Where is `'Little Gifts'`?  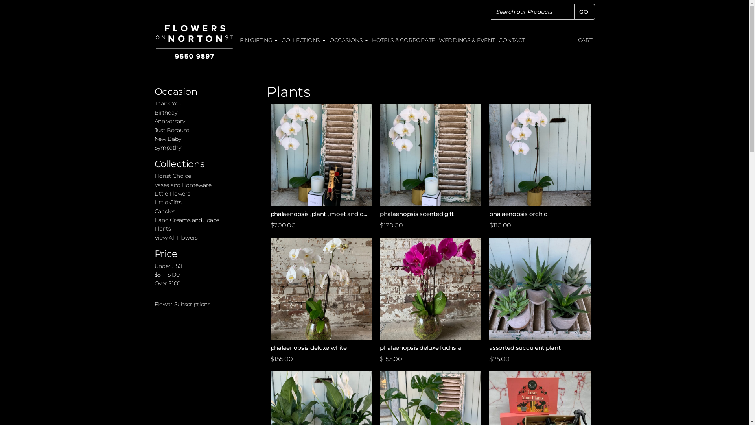
'Little Gifts' is located at coordinates (154, 201).